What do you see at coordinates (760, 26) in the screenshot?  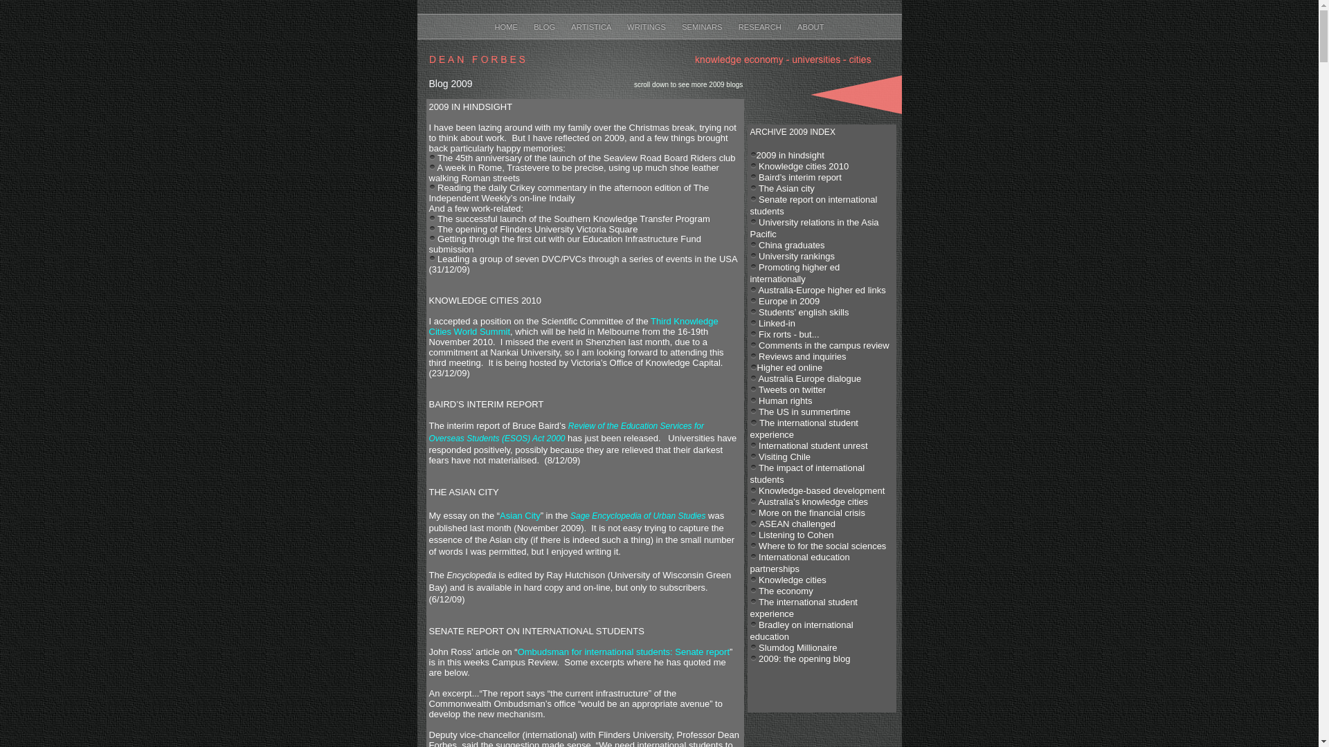 I see `'RESEARCH'` at bounding box center [760, 26].